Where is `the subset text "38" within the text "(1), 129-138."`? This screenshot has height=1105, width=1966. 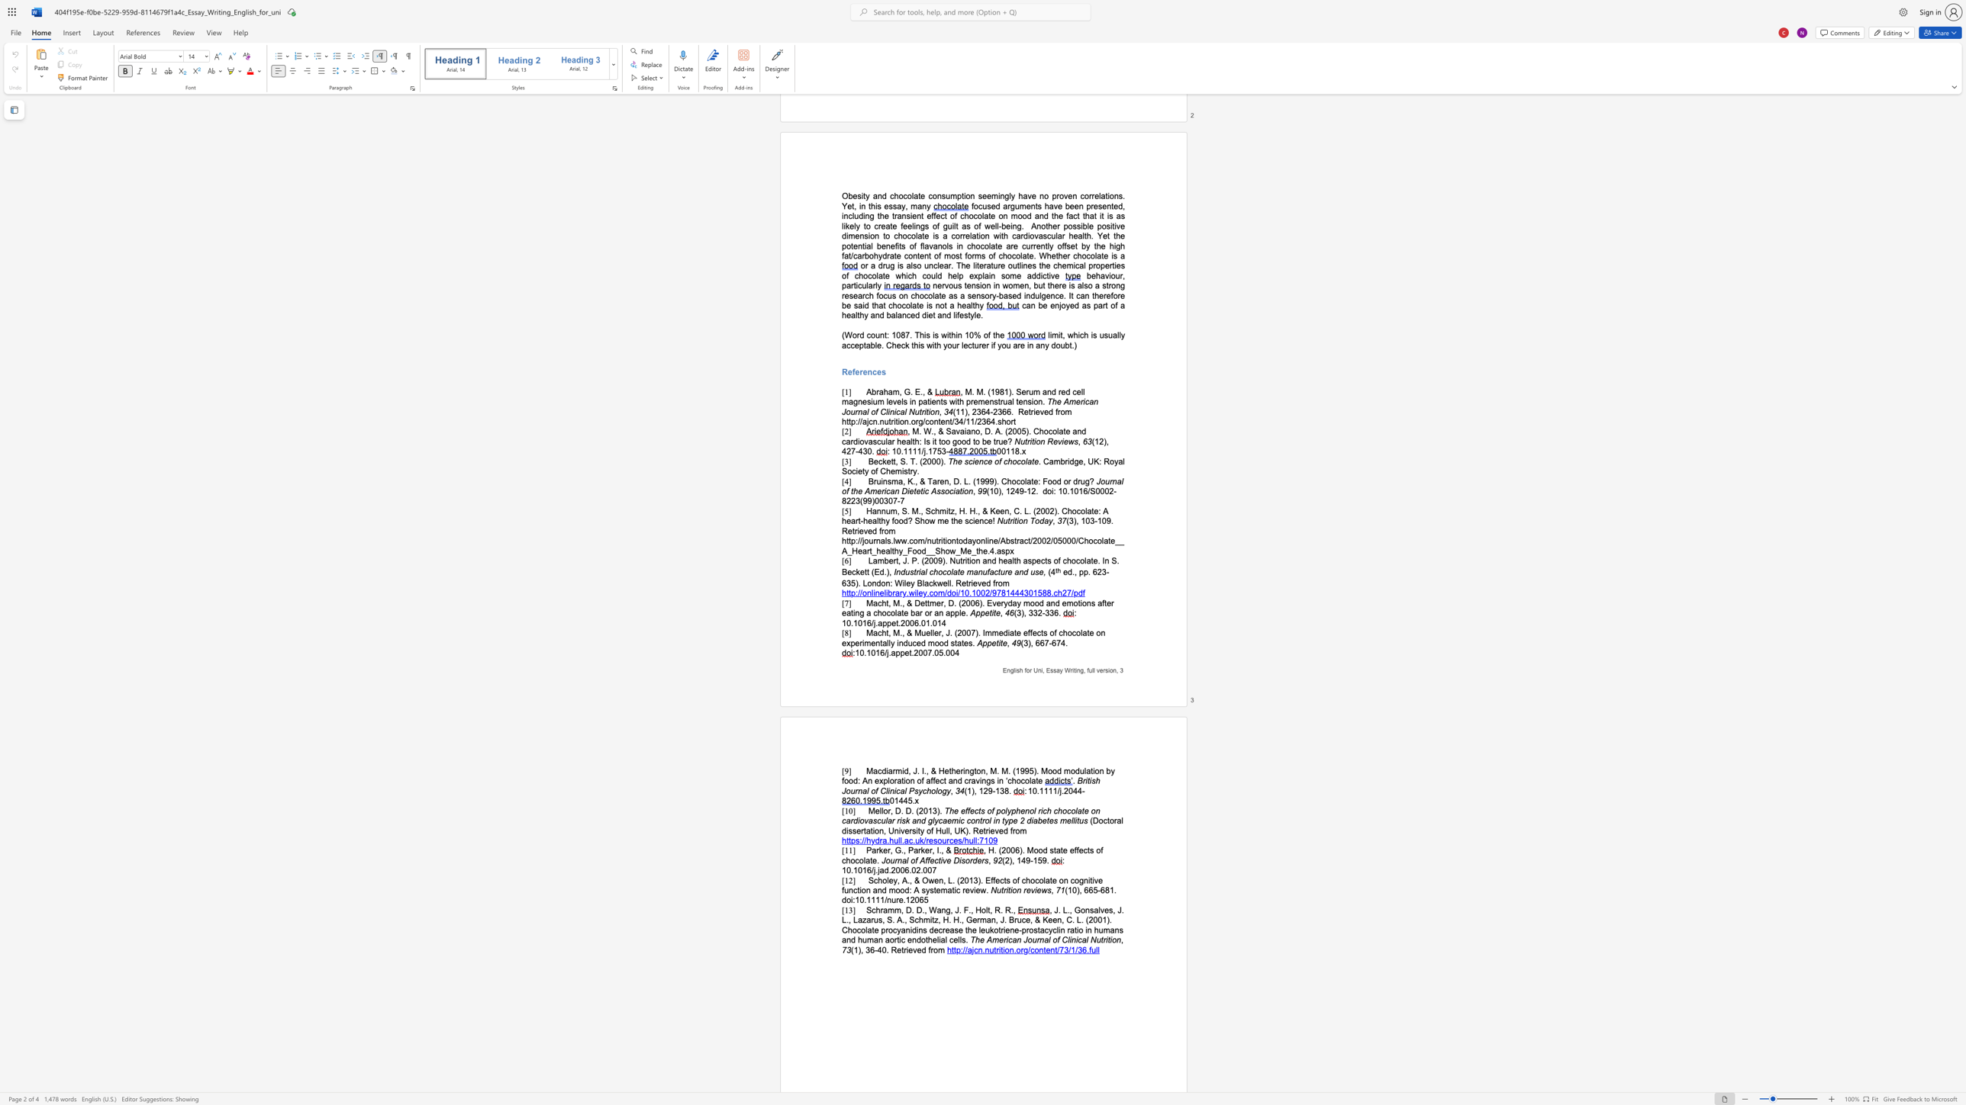 the subset text "38" within the text "(1), 129-138." is located at coordinates (999, 790).